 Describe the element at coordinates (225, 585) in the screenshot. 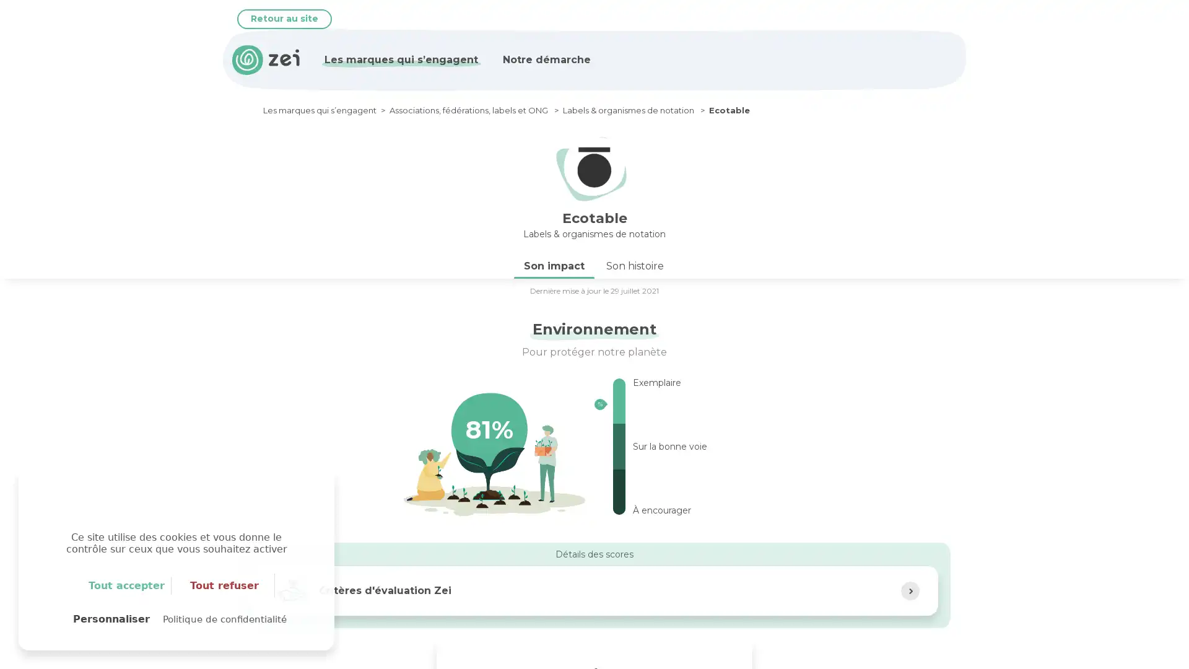

I see `Tout refuser` at that location.